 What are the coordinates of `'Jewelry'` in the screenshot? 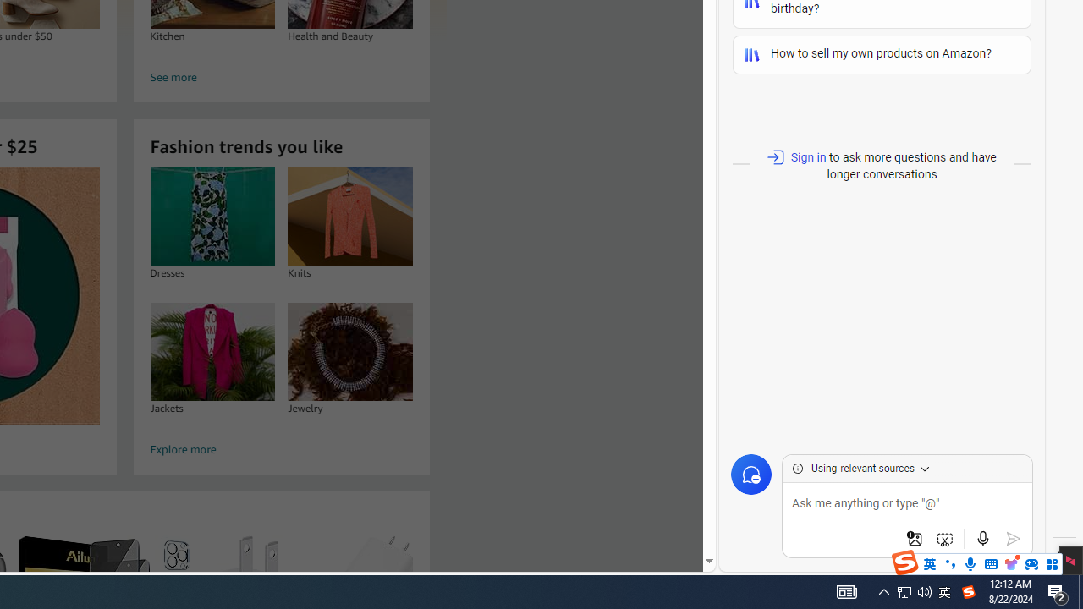 It's located at (349, 350).